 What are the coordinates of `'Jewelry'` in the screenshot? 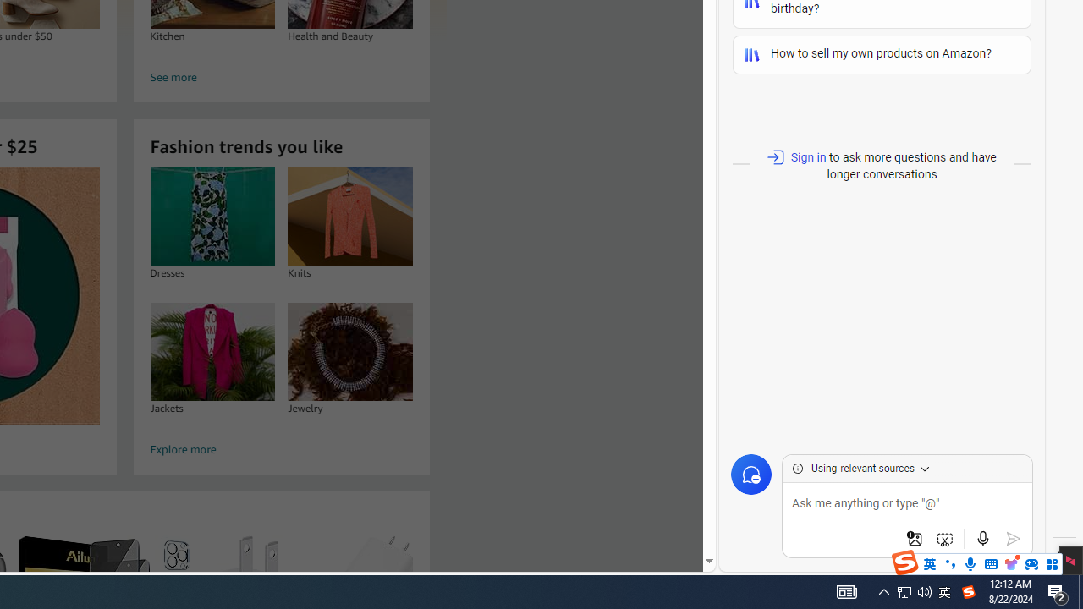 It's located at (349, 350).